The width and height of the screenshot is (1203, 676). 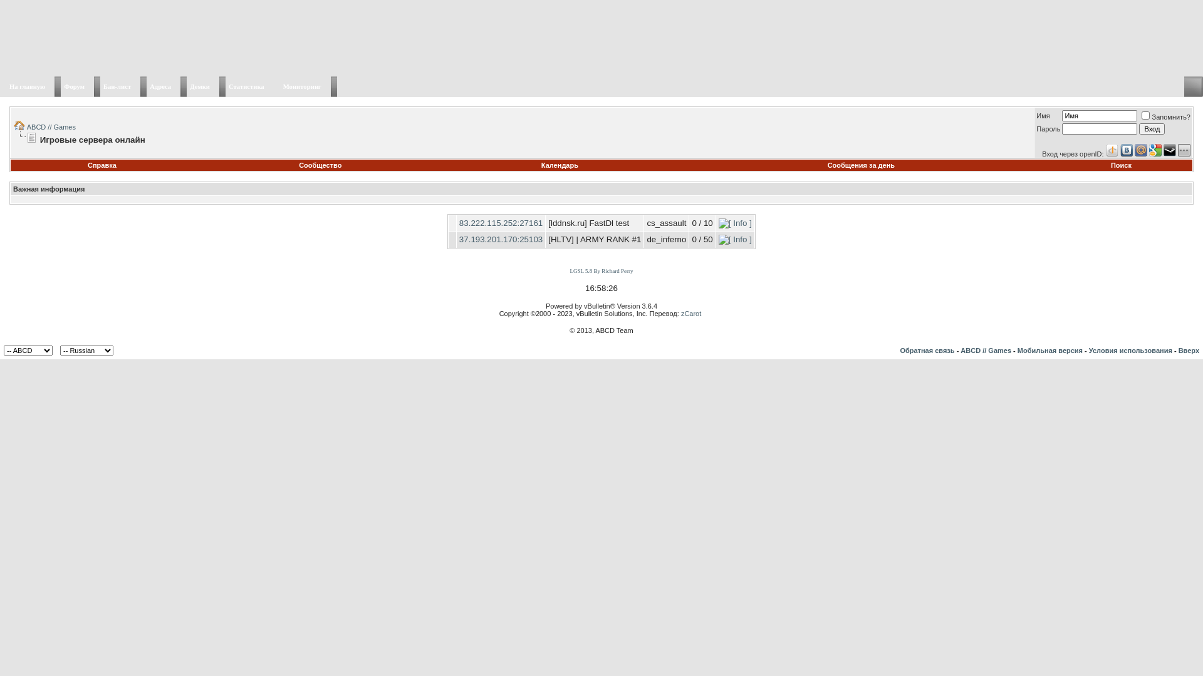 What do you see at coordinates (500, 239) in the screenshot?
I see `'37.193.201.170:25103'` at bounding box center [500, 239].